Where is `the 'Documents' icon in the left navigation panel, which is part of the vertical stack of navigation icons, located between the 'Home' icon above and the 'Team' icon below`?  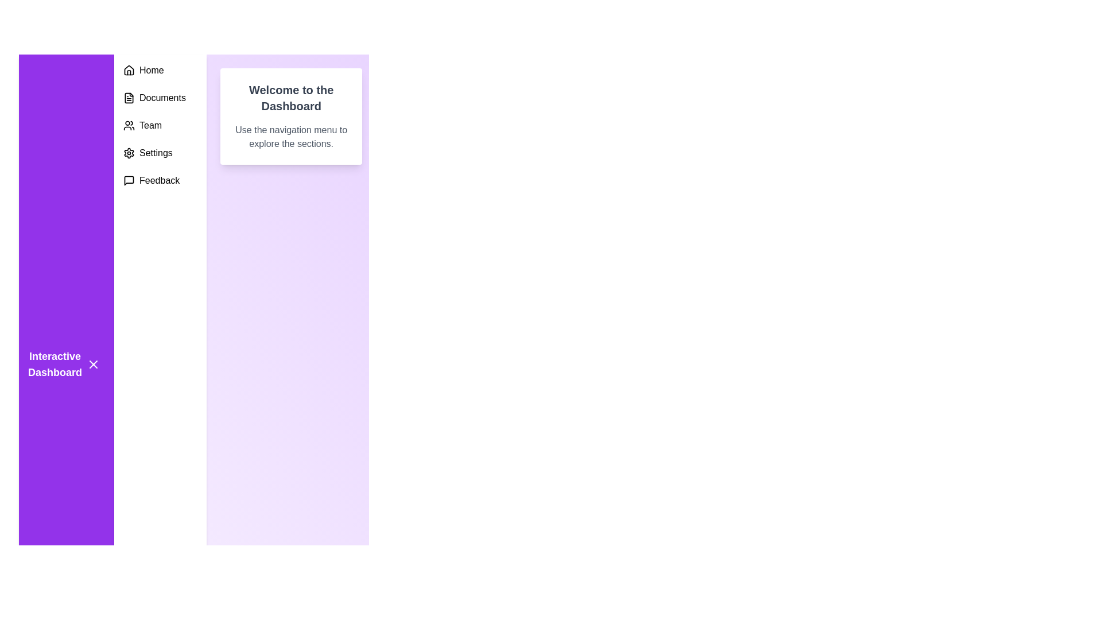
the 'Documents' icon in the left navigation panel, which is part of the vertical stack of navigation icons, located between the 'Home' icon above and the 'Team' icon below is located at coordinates (129, 97).